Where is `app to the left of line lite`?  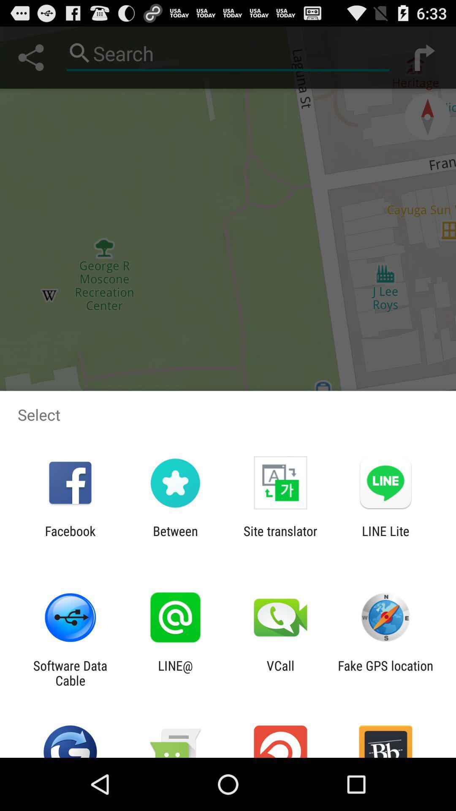 app to the left of line lite is located at coordinates (280, 538).